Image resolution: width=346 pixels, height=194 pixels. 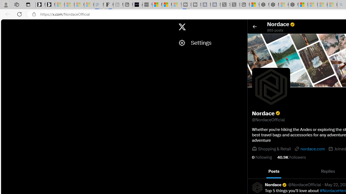 I want to click on 'Nordace Verified account', so click(x=276, y=184).